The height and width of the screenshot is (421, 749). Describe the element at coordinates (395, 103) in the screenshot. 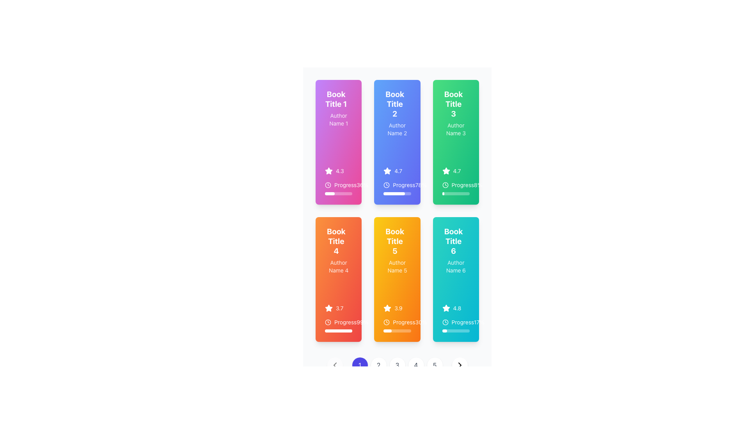

I see `static text label displaying 'Book Title 2', which is a bold, large, white font on a blue background, centered at the top of its card` at that location.